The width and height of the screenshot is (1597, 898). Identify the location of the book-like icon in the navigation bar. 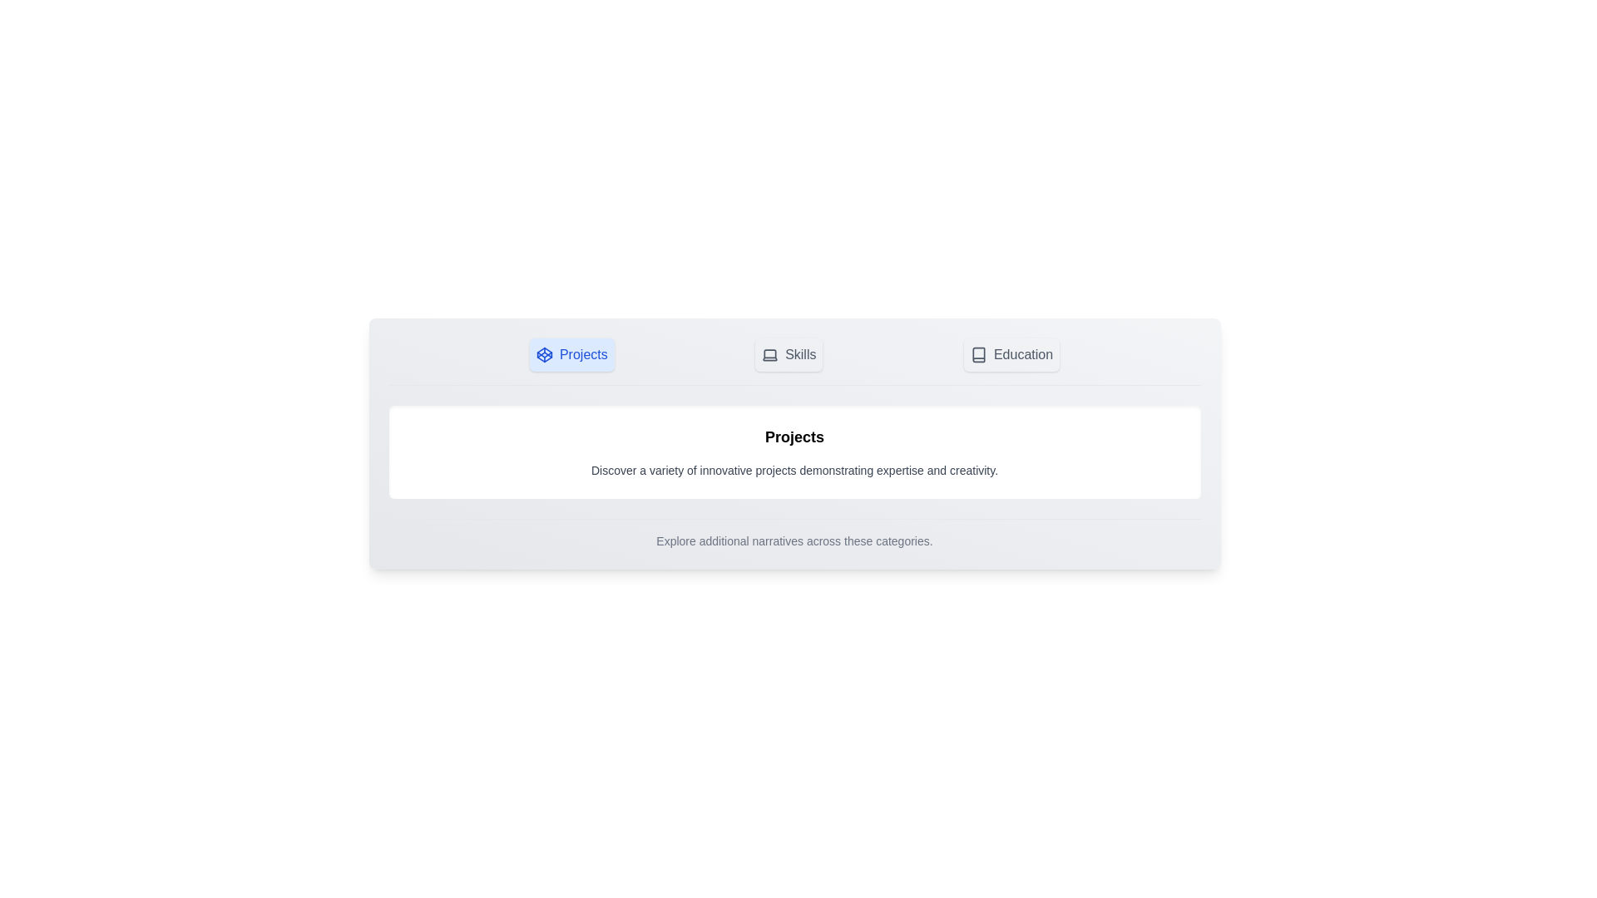
(978, 354).